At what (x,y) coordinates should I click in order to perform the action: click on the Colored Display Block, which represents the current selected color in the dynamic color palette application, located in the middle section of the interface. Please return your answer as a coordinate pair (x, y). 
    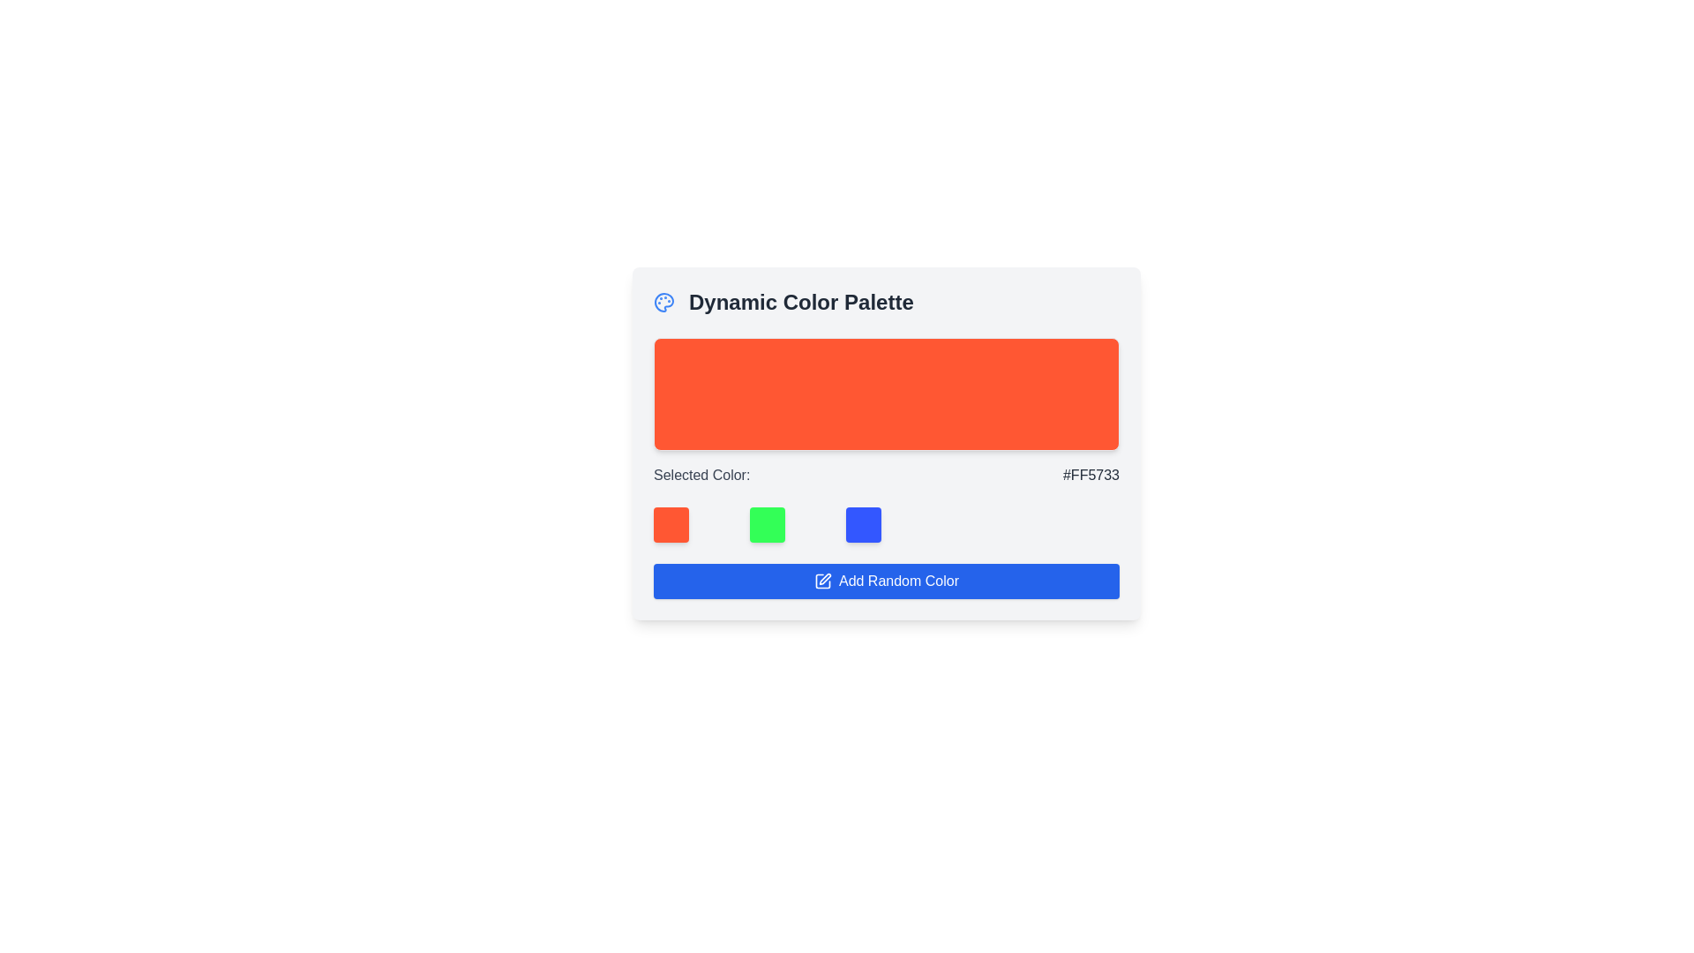
    Looking at the image, I should click on (886, 394).